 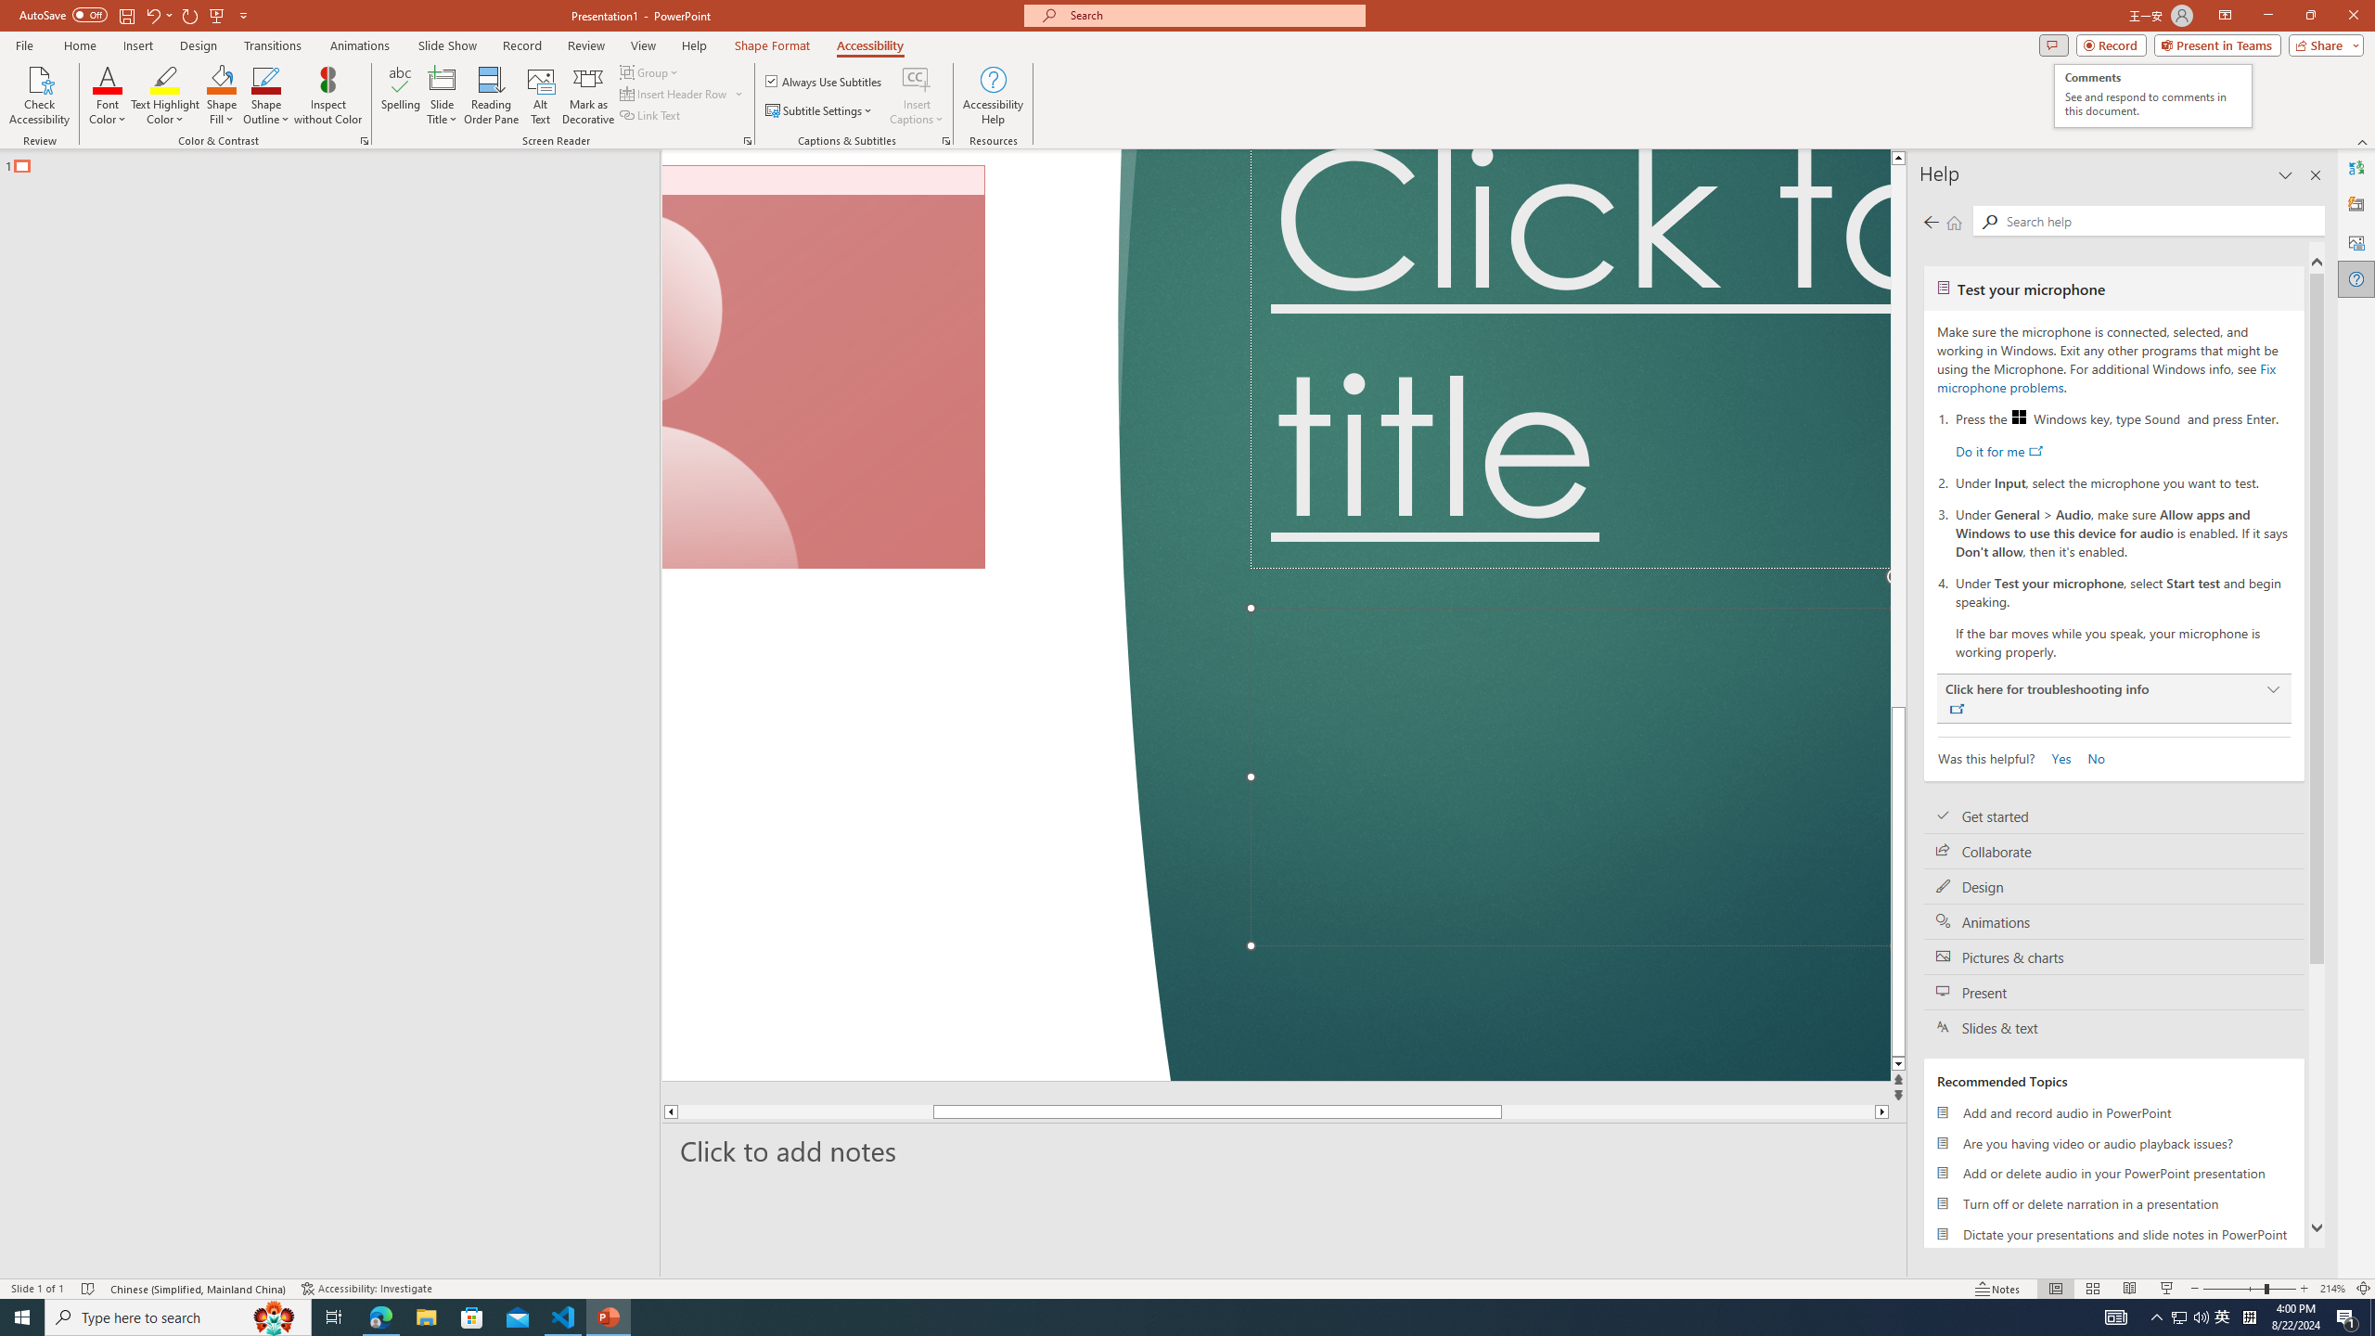 I want to click on 'Slide Title', so click(x=442, y=78).